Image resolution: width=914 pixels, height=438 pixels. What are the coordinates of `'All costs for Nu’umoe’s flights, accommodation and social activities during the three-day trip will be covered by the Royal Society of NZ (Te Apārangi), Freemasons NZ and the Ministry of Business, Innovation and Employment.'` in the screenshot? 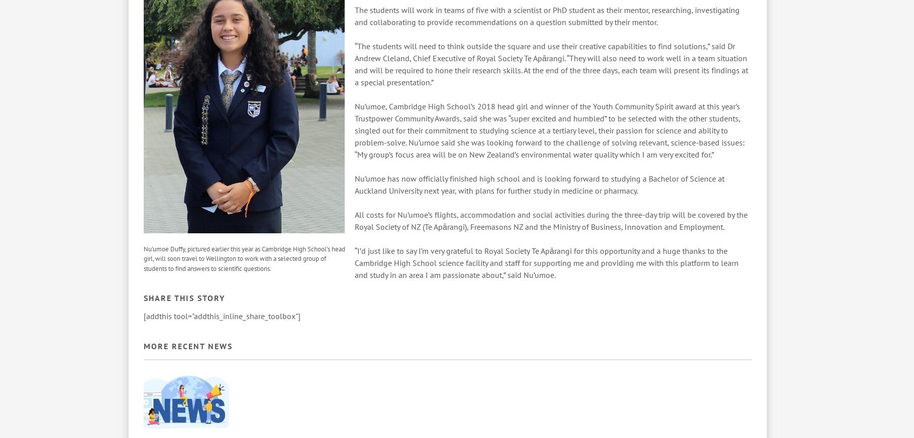 It's located at (551, 220).